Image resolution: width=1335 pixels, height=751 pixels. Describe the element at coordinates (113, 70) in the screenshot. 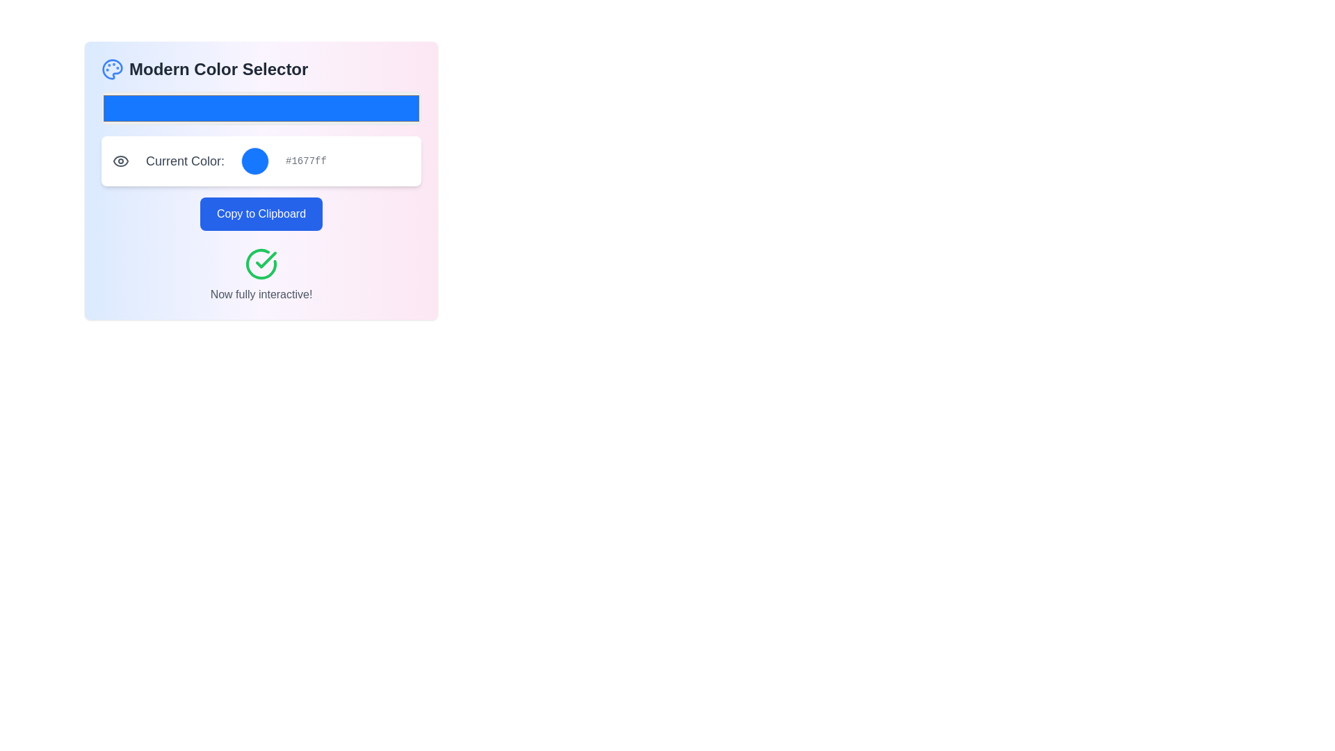

I see `the light blue palette icon with circular holes located next to the text 'Modern Color Selector' in the header section` at that location.